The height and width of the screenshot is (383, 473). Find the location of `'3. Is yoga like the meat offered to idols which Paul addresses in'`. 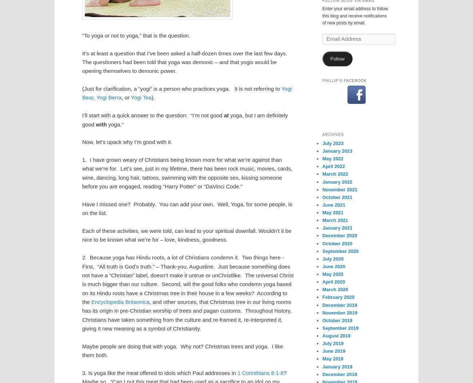

'3. Is yoga like the meat offered to idols which Paul addresses in' is located at coordinates (159, 372).